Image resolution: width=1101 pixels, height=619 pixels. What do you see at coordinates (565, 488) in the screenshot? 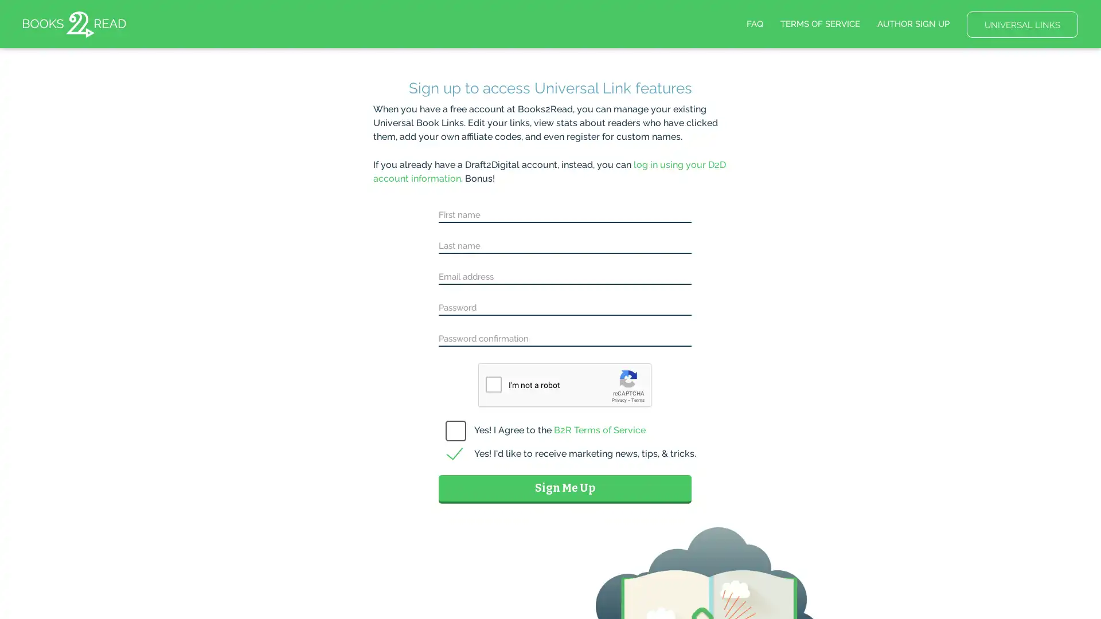
I see `Sign Me Up` at bounding box center [565, 488].